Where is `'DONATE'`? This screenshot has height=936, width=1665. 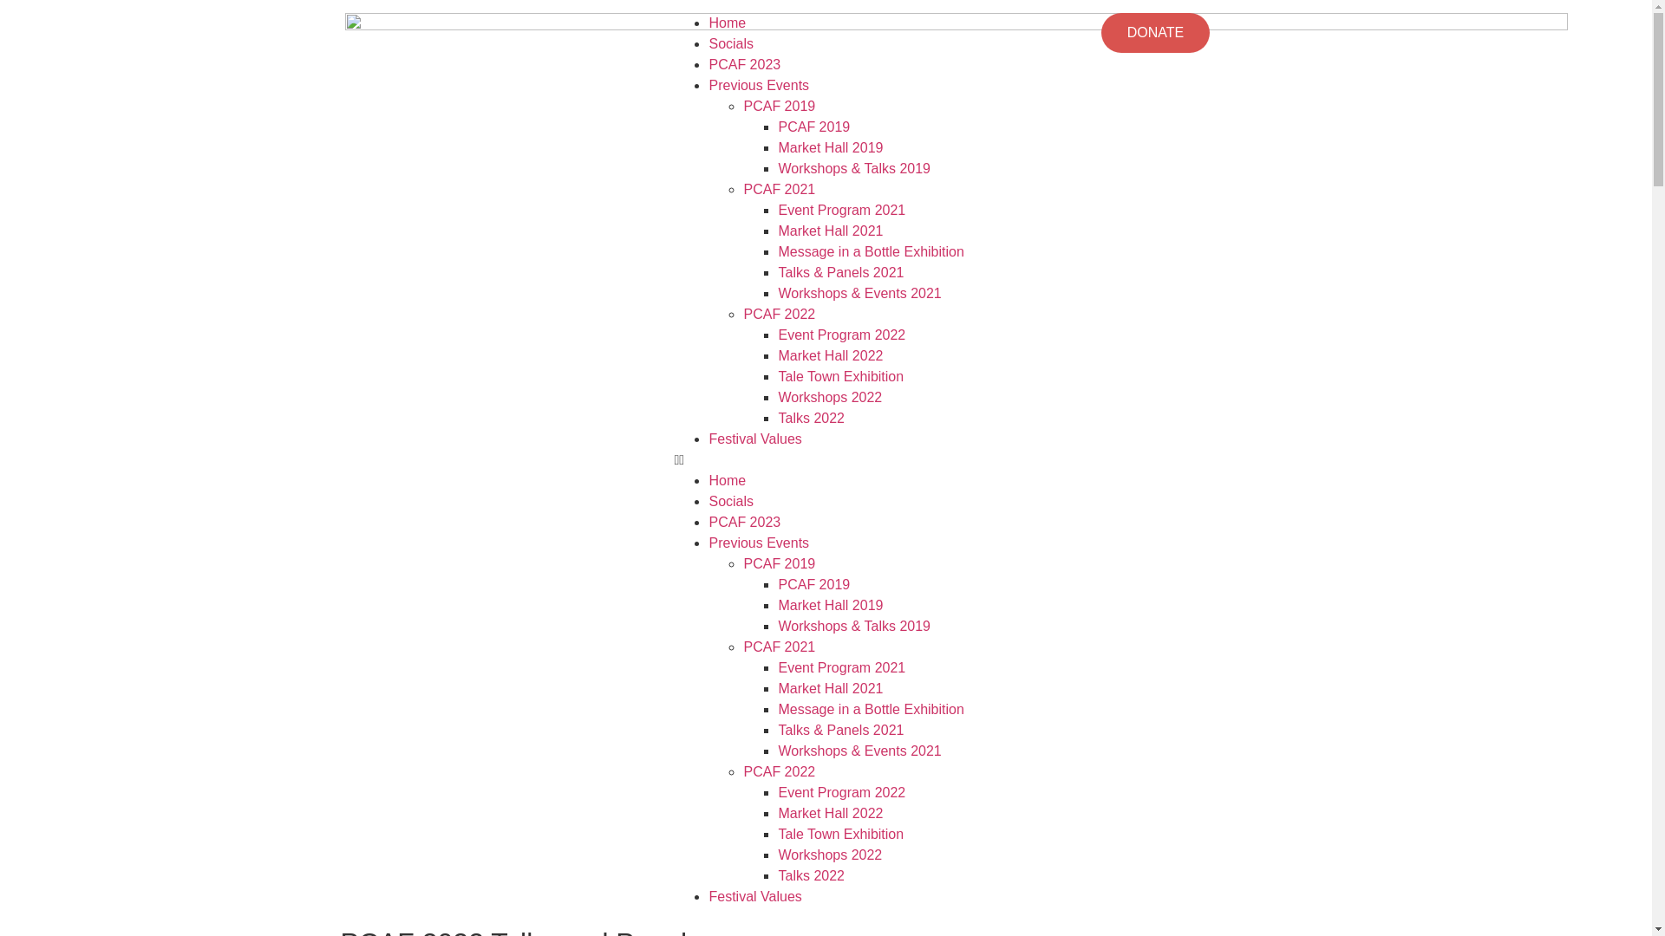 'DONATE' is located at coordinates (1100, 33).